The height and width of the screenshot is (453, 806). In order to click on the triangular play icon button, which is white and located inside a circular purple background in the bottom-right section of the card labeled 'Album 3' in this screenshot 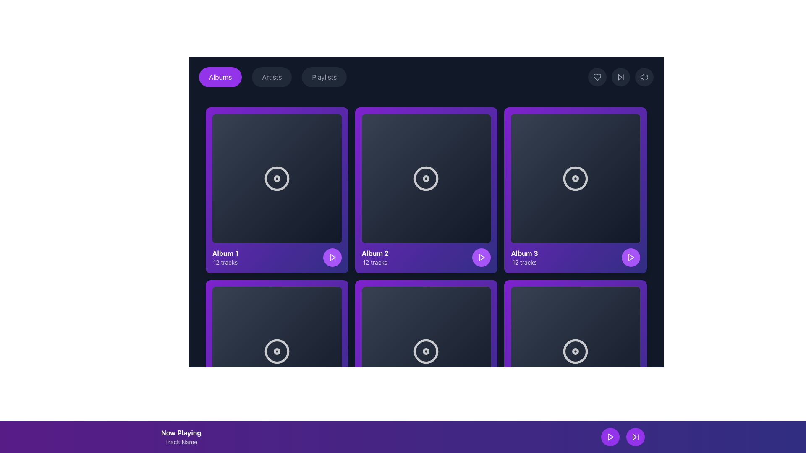, I will do `click(631, 257)`.